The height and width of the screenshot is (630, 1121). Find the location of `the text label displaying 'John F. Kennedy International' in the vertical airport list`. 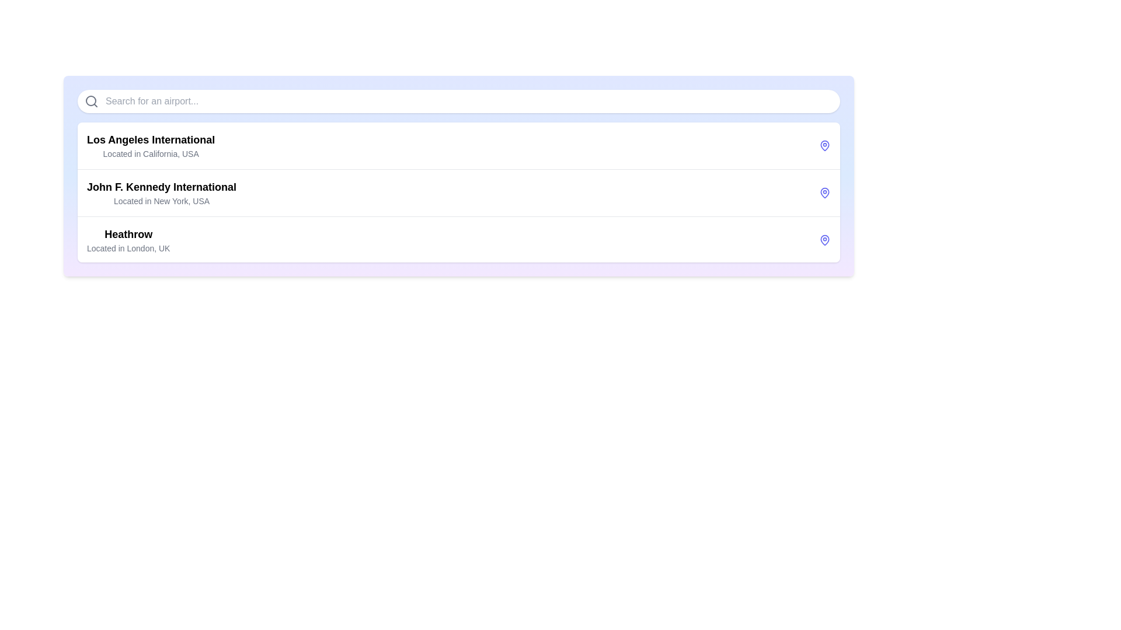

the text label displaying 'John F. Kennedy International' in the vertical airport list is located at coordinates (161, 186).